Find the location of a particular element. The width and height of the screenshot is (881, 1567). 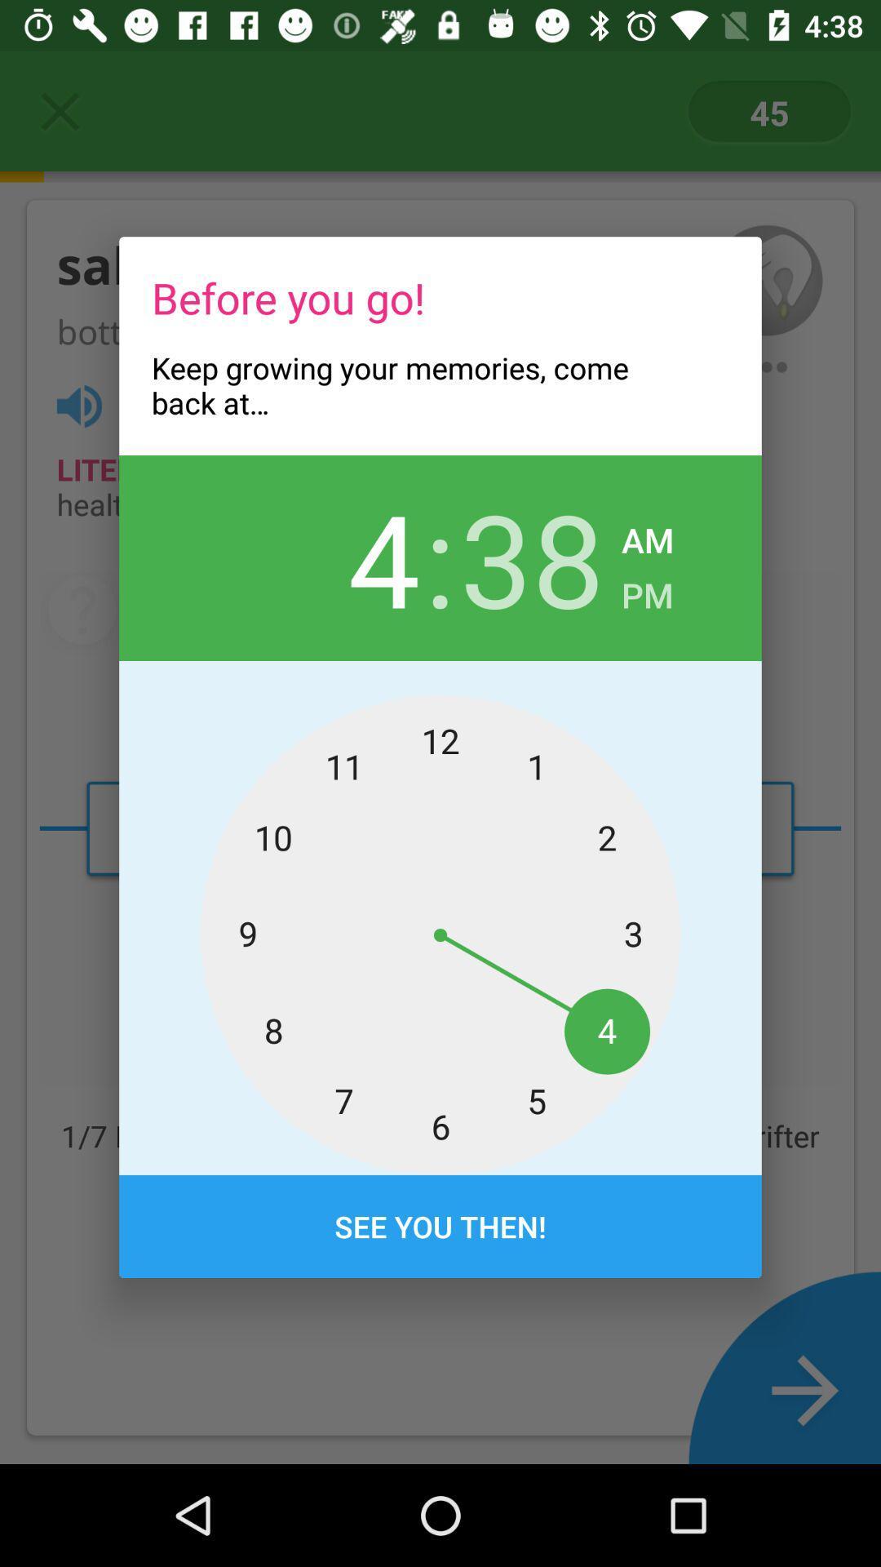

icon below the am item is located at coordinates (646, 589).